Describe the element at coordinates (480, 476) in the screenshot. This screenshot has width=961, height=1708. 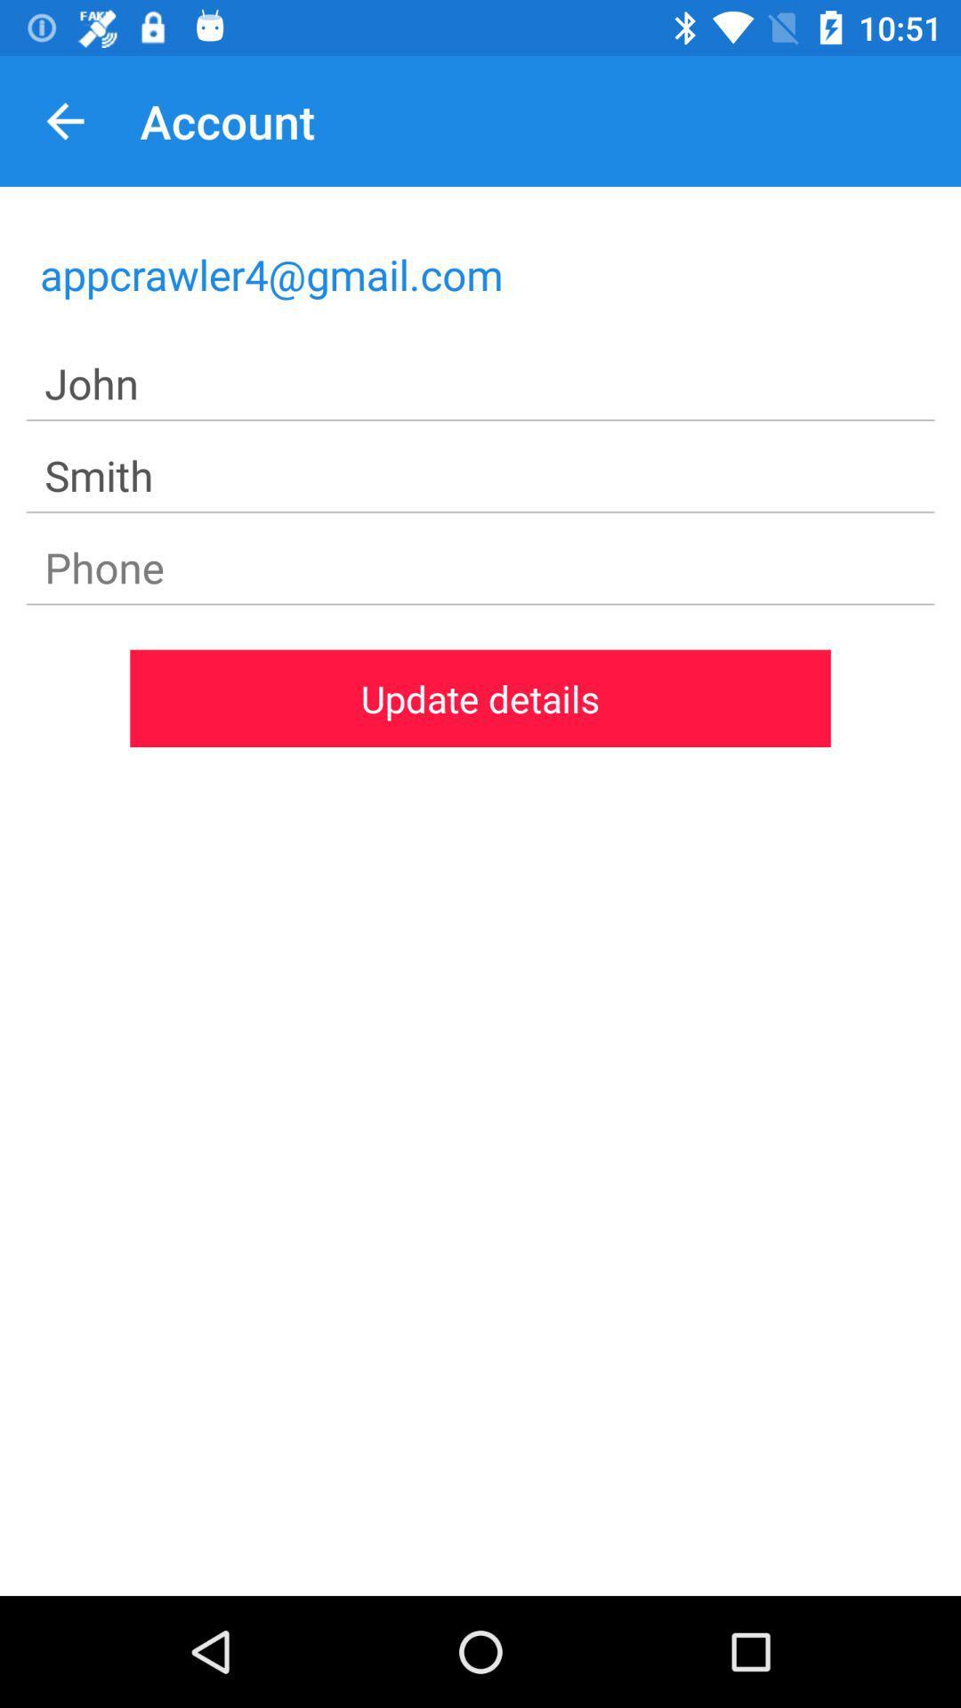
I see `smith icon` at that location.